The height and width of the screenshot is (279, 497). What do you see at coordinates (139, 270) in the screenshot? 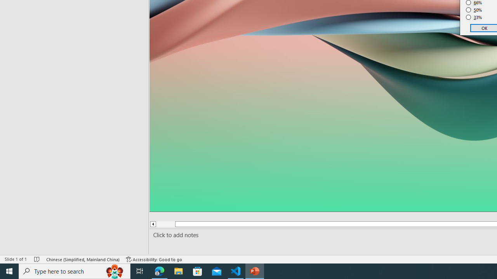
I see `'Task View'` at bounding box center [139, 270].